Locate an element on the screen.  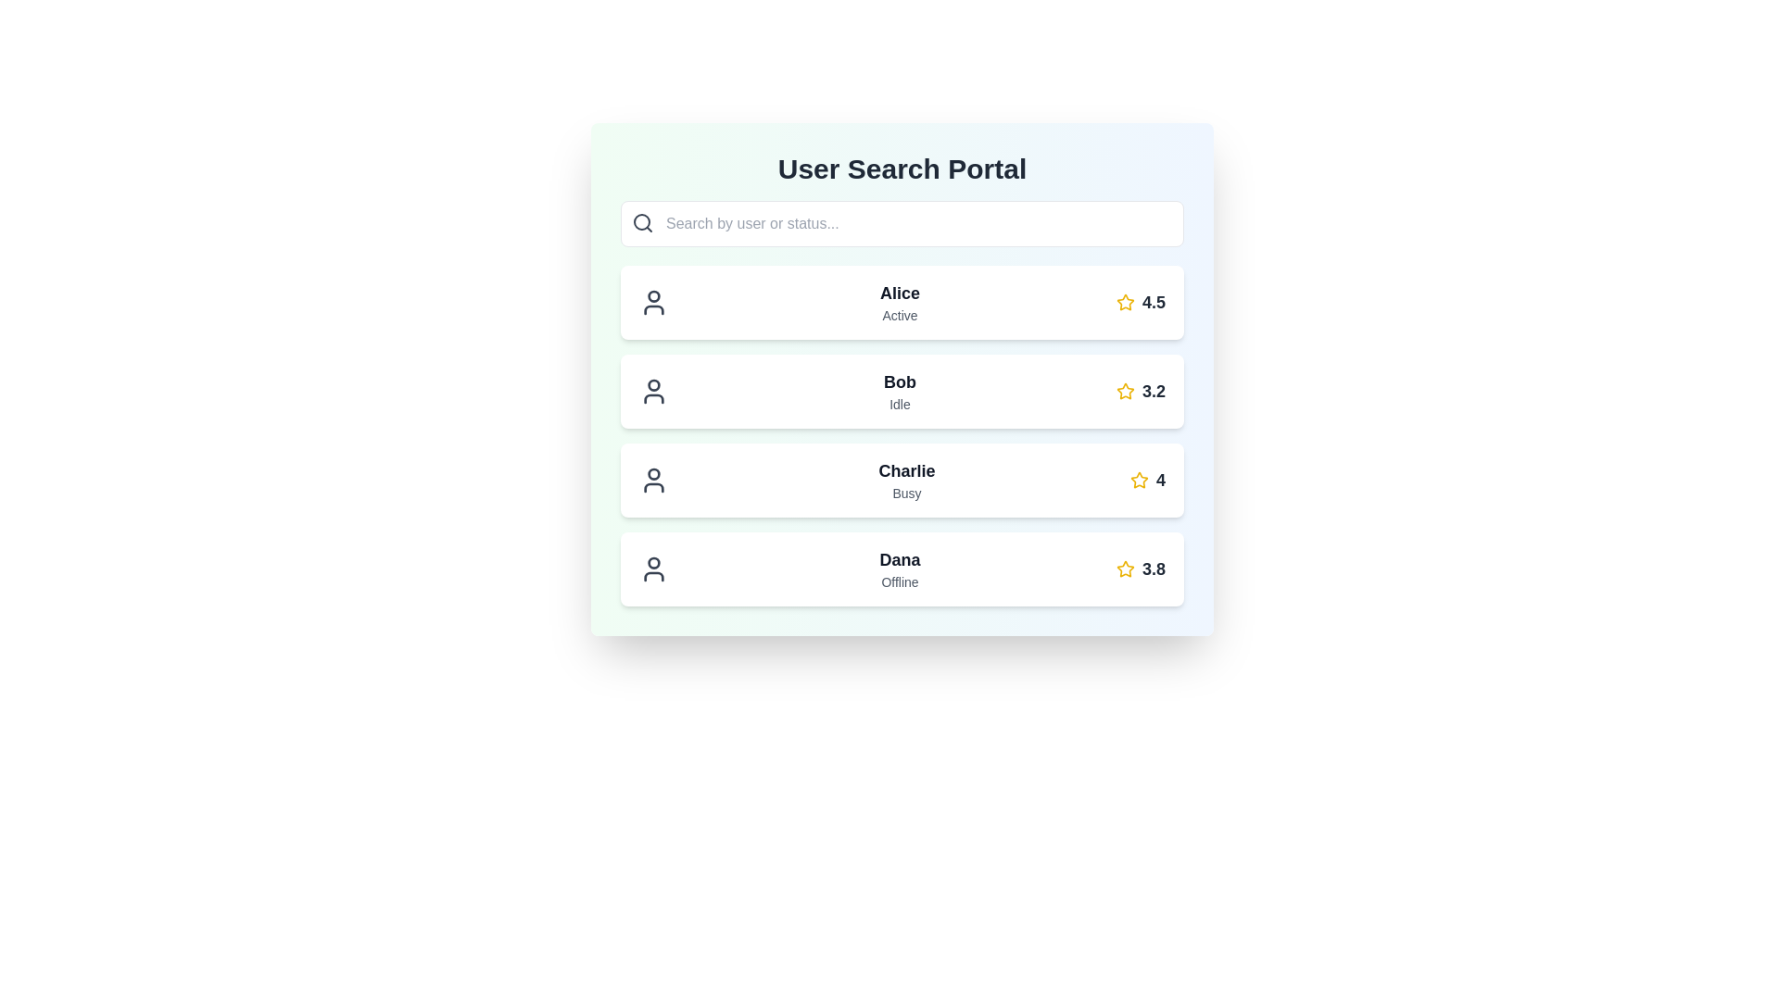
the text element displaying a bold number '3.2' in gray font, which is accompanied by a yellow star icon, indicating the rating for user 'Bob' in the user list is located at coordinates (1140, 391).